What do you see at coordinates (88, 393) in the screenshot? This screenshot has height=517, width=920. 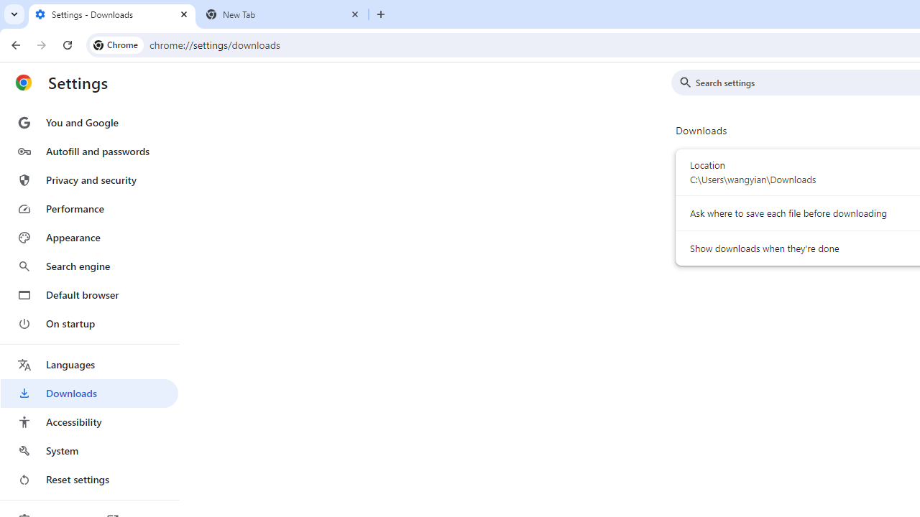 I see `'Downloads'` at bounding box center [88, 393].